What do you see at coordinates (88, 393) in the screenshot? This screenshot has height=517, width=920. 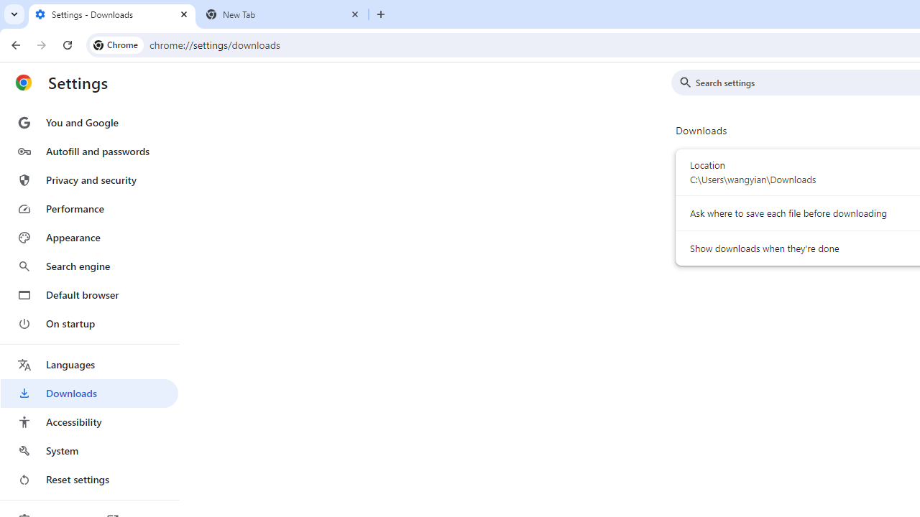 I see `'Downloads'` at bounding box center [88, 393].